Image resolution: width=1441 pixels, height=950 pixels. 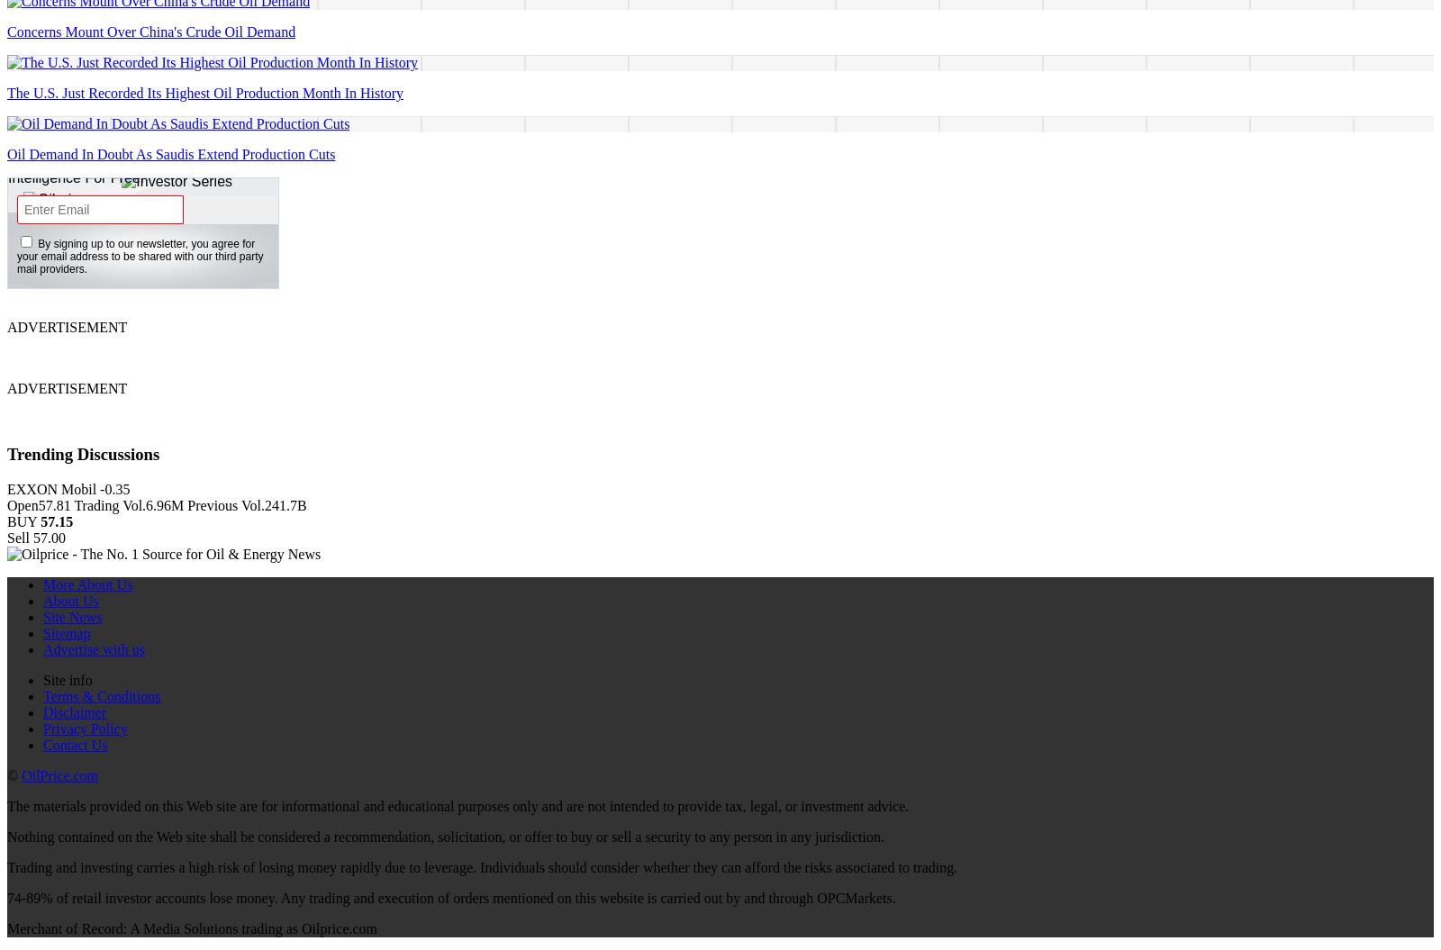 What do you see at coordinates (23, 520) in the screenshot?
I see `'BUY'` at bounding box center [23, 520].